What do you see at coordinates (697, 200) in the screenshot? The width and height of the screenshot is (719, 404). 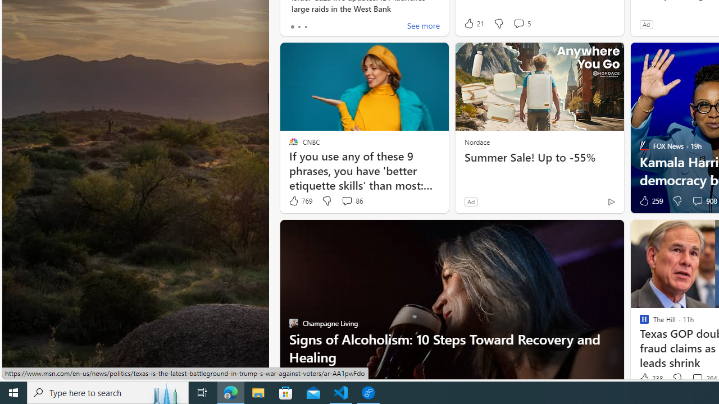 I see `'View comments 908 Comment'` at bounding box center [697, 200].